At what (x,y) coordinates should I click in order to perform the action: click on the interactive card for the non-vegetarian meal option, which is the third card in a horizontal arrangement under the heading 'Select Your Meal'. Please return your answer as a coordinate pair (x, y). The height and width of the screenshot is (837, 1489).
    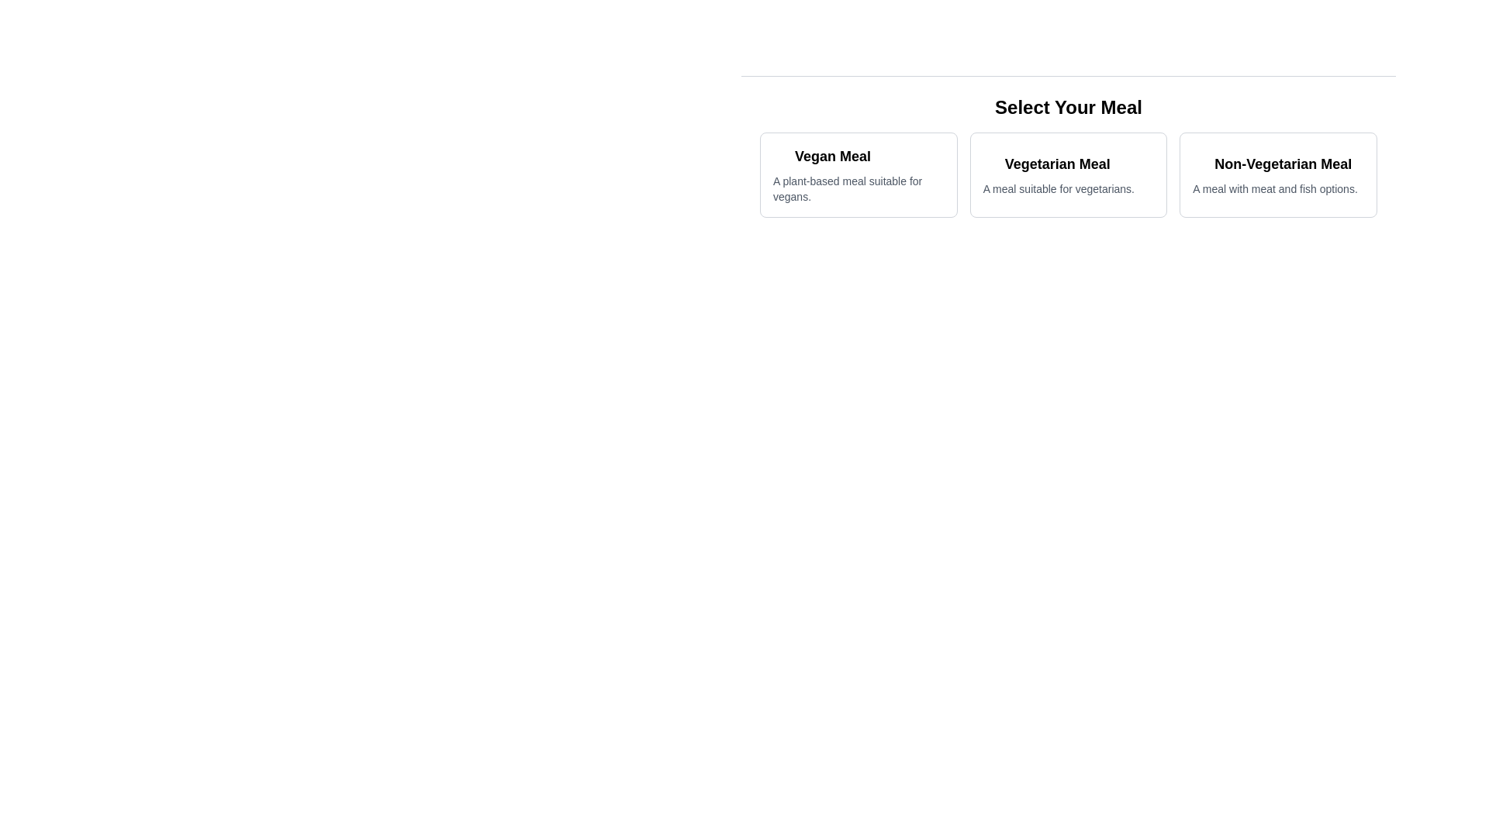
    Looking at the image, I should click on (1278, 174).